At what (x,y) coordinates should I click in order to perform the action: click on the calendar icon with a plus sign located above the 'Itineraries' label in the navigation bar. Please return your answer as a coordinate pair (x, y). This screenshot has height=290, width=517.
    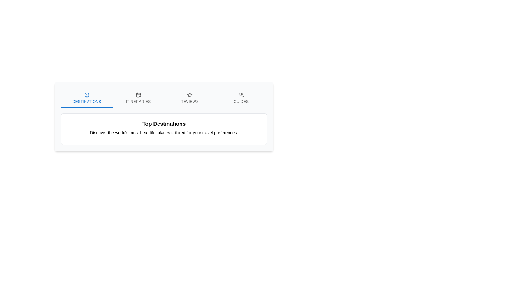
    Looking at the image, I should click on (138, 95).